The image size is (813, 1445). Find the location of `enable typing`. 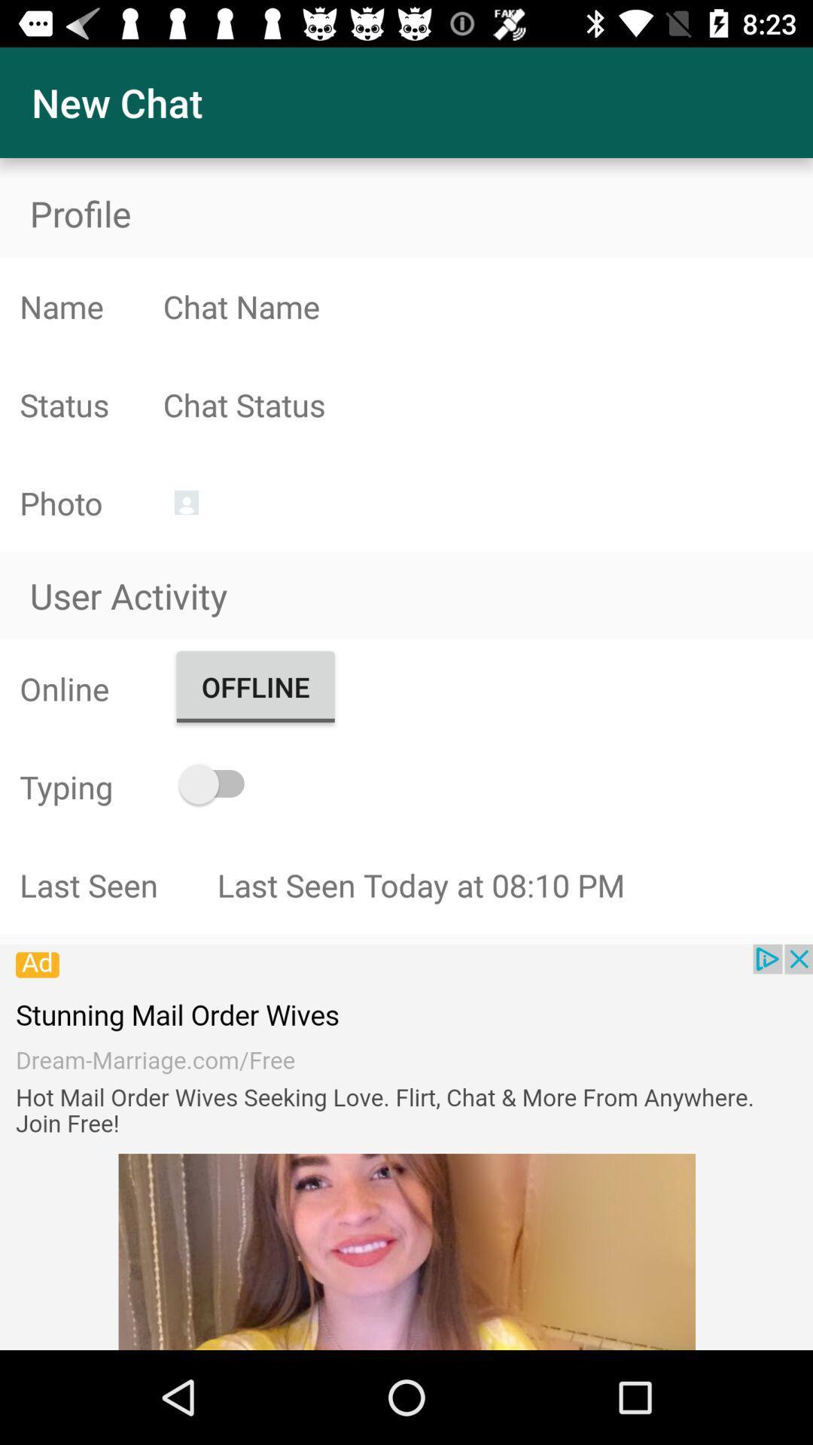

enable typing is located at coordinates (218, 783).